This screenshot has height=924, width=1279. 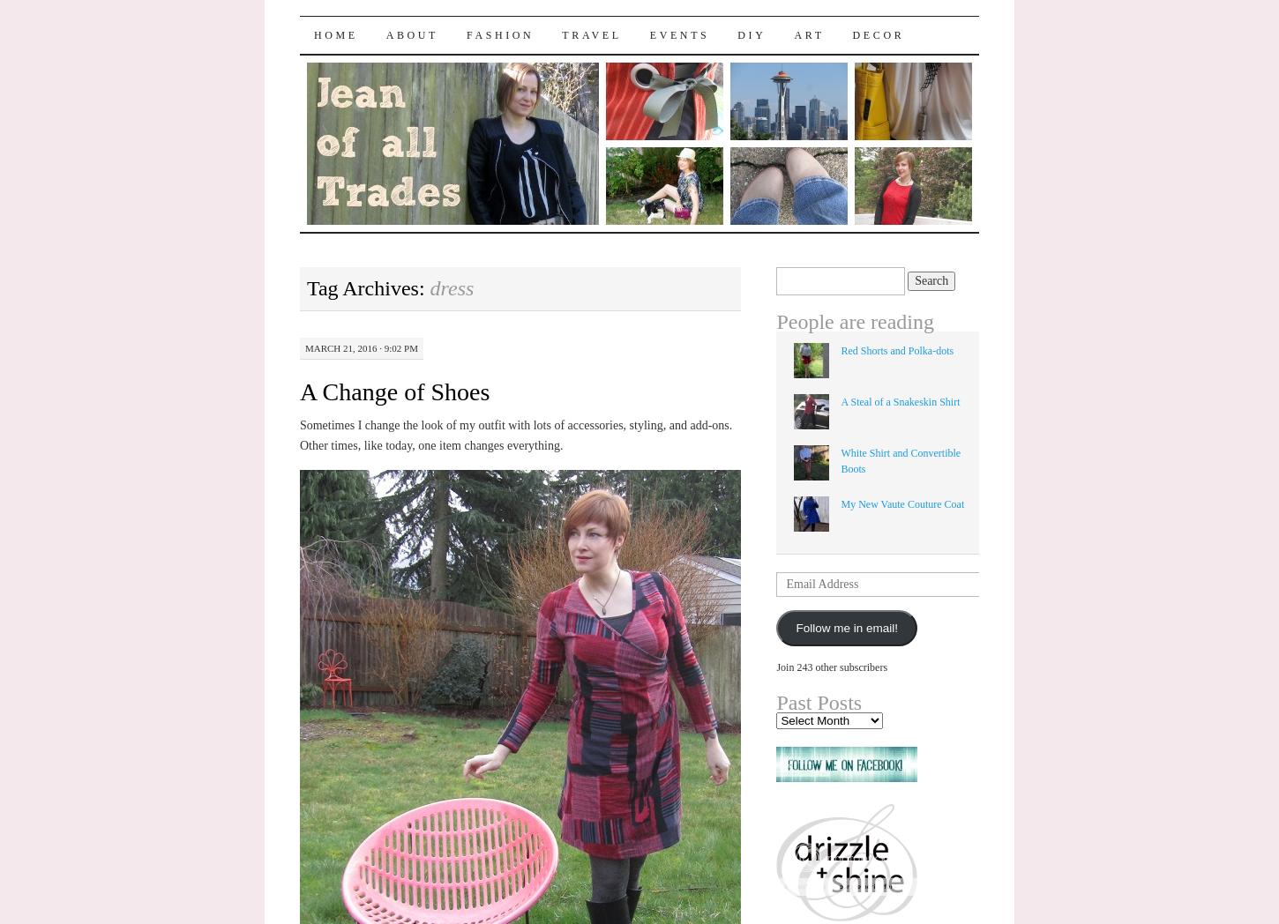 What do you see at coordinates (830, 667) in the screenshot?
I see `'Join 243 other subscribers'` at bounding box center [830, 667].